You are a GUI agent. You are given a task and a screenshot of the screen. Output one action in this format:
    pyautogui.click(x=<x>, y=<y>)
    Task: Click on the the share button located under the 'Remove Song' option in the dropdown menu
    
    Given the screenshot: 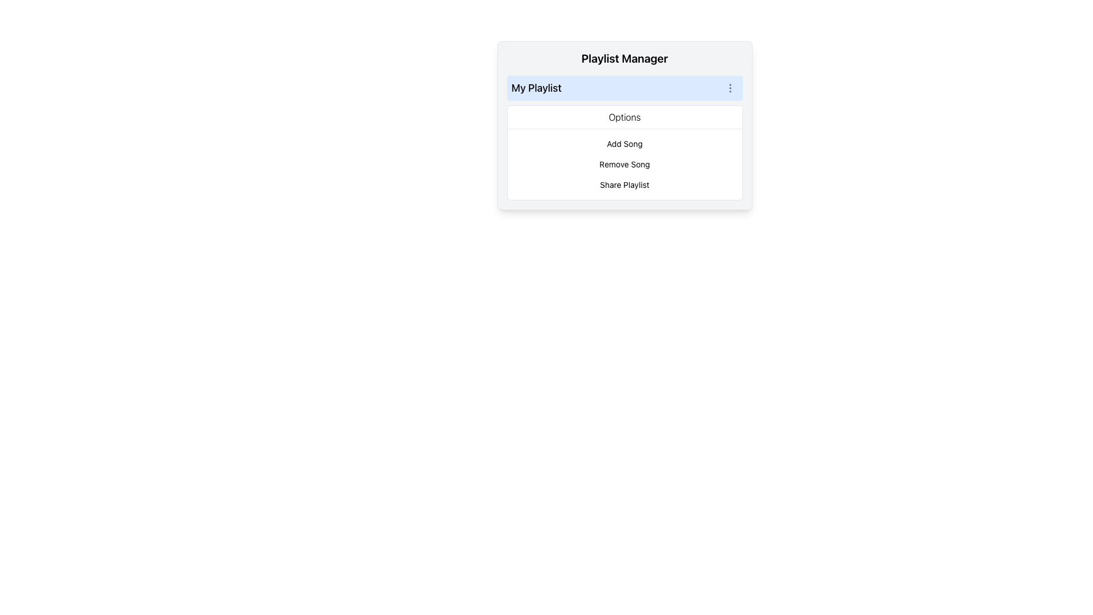 What is the action you would take?
    pyautogui.click(x=624, y=184)
    